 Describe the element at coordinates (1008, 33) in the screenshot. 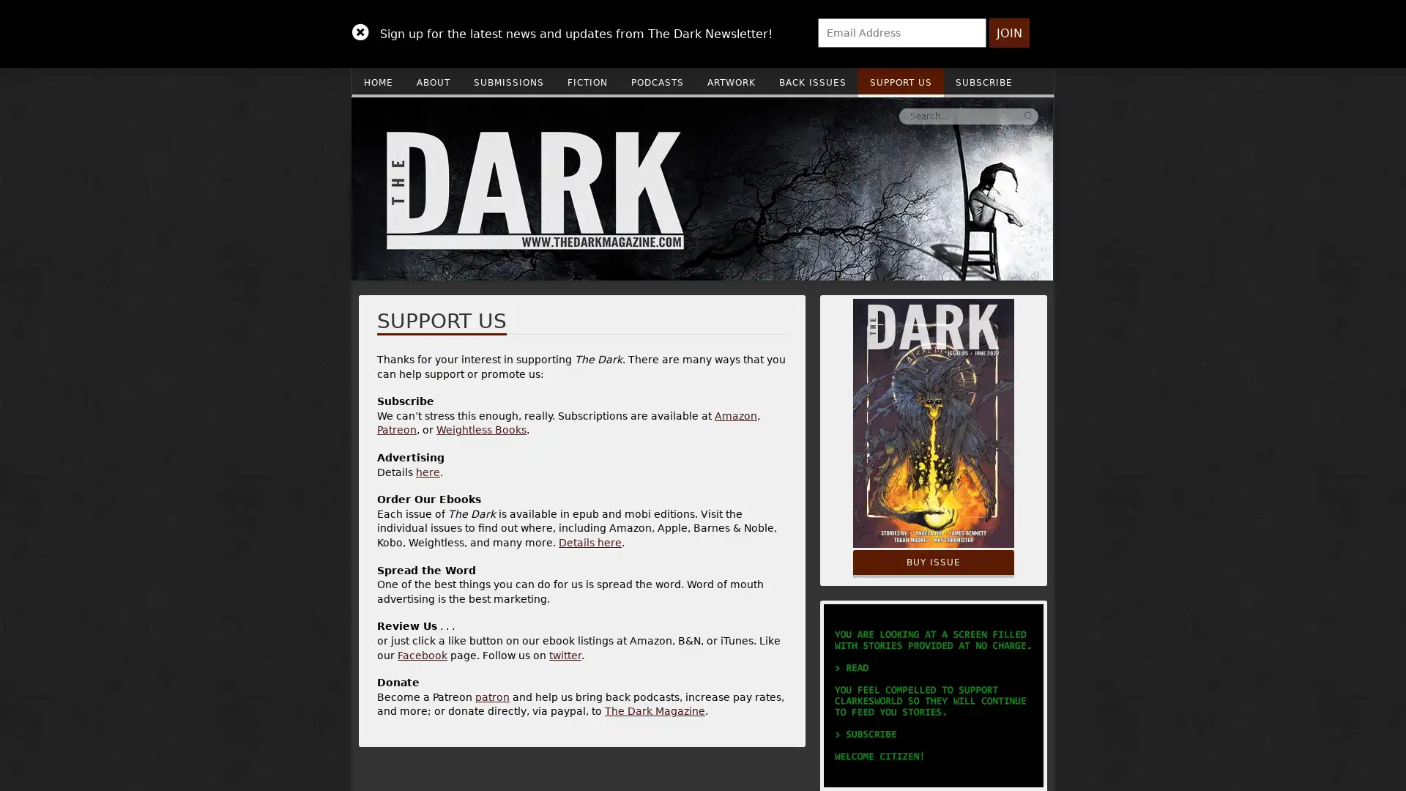

I see `Join` at that location.